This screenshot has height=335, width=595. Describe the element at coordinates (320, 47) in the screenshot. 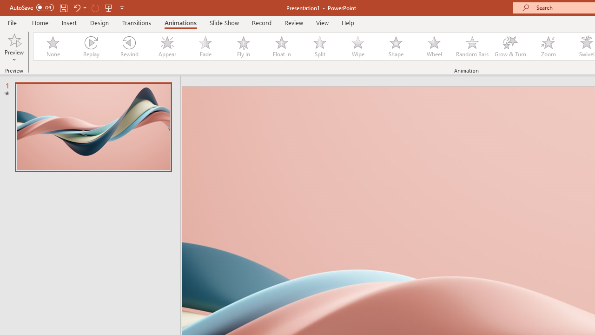

I see `'Split'` at that location.